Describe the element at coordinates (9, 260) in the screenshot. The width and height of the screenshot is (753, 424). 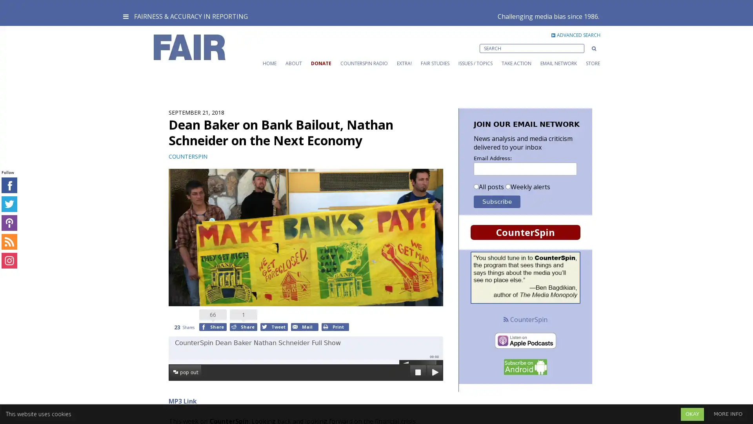
I see `connect on Instagram` at that location.